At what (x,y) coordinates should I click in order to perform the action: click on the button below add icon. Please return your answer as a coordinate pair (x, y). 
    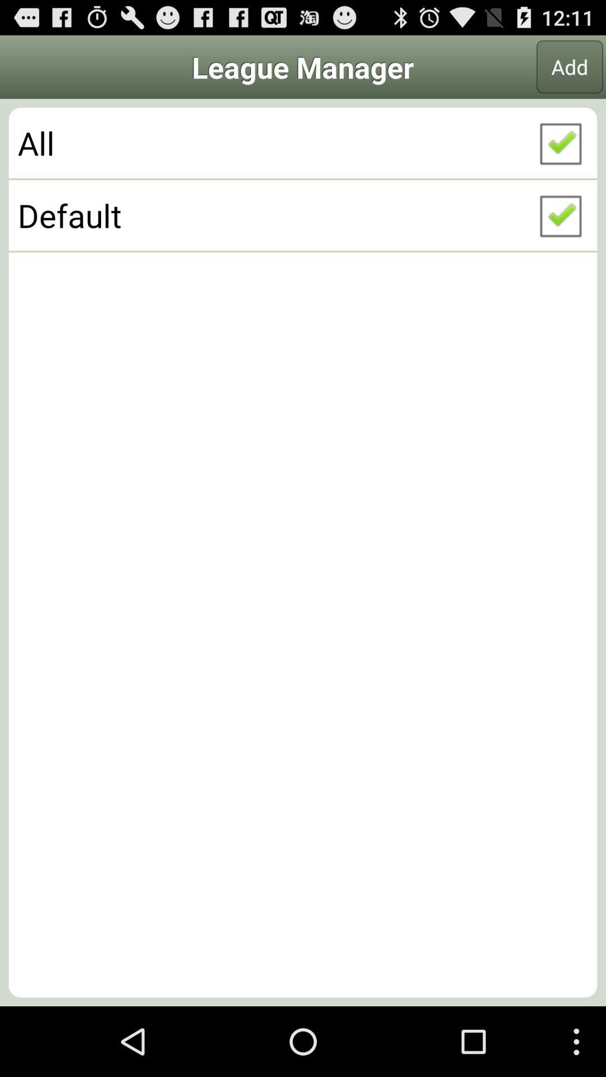
    Looking at the image, I should click on (303, 142).